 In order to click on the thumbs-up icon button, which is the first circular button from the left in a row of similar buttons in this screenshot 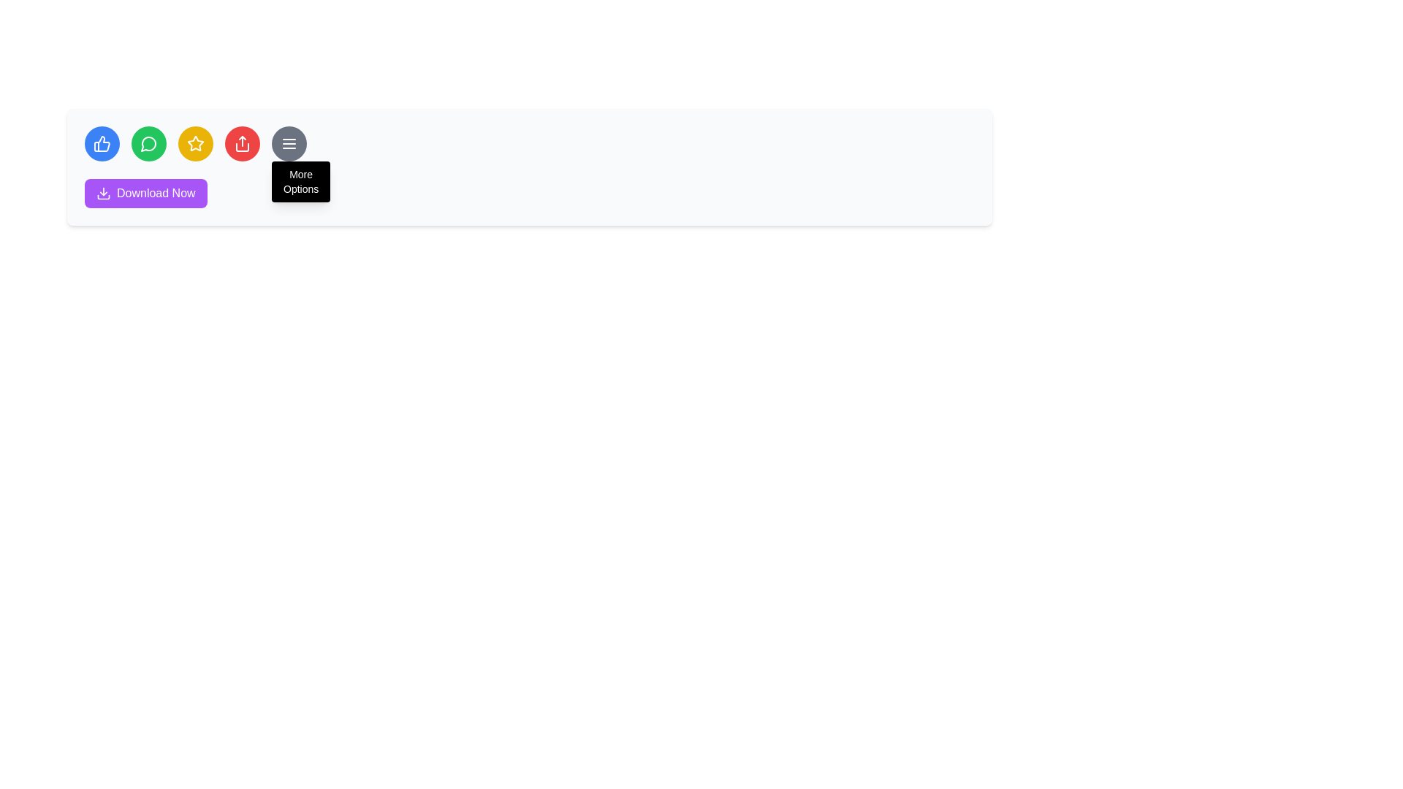, I will do `click(101, 143)`.